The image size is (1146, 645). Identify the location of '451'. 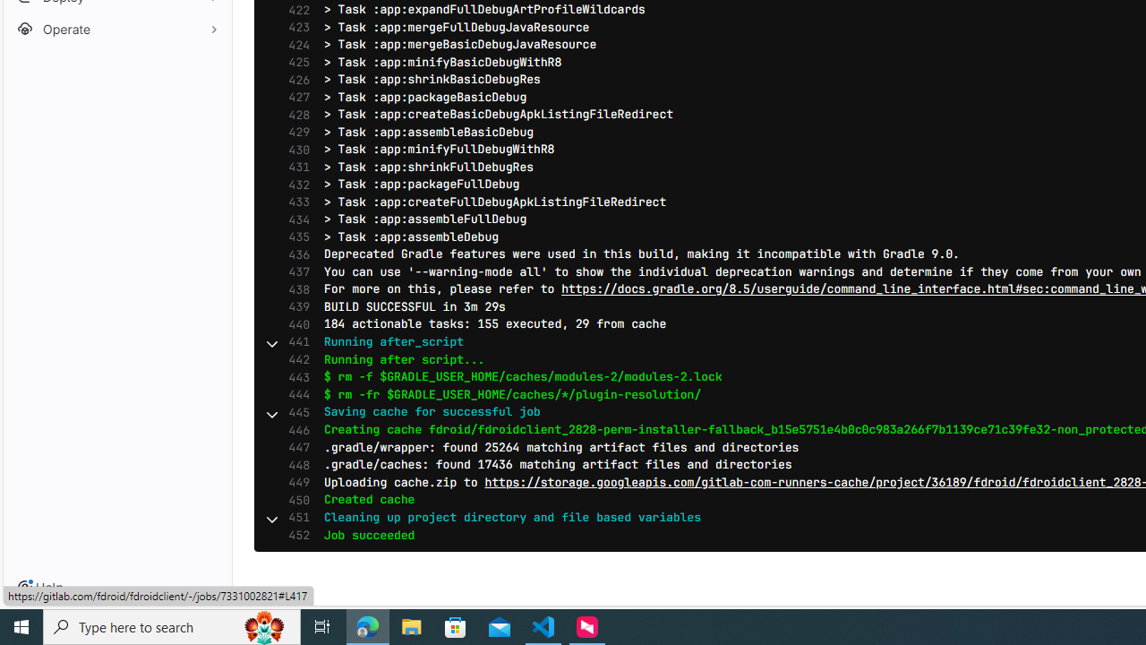
(295, 518).